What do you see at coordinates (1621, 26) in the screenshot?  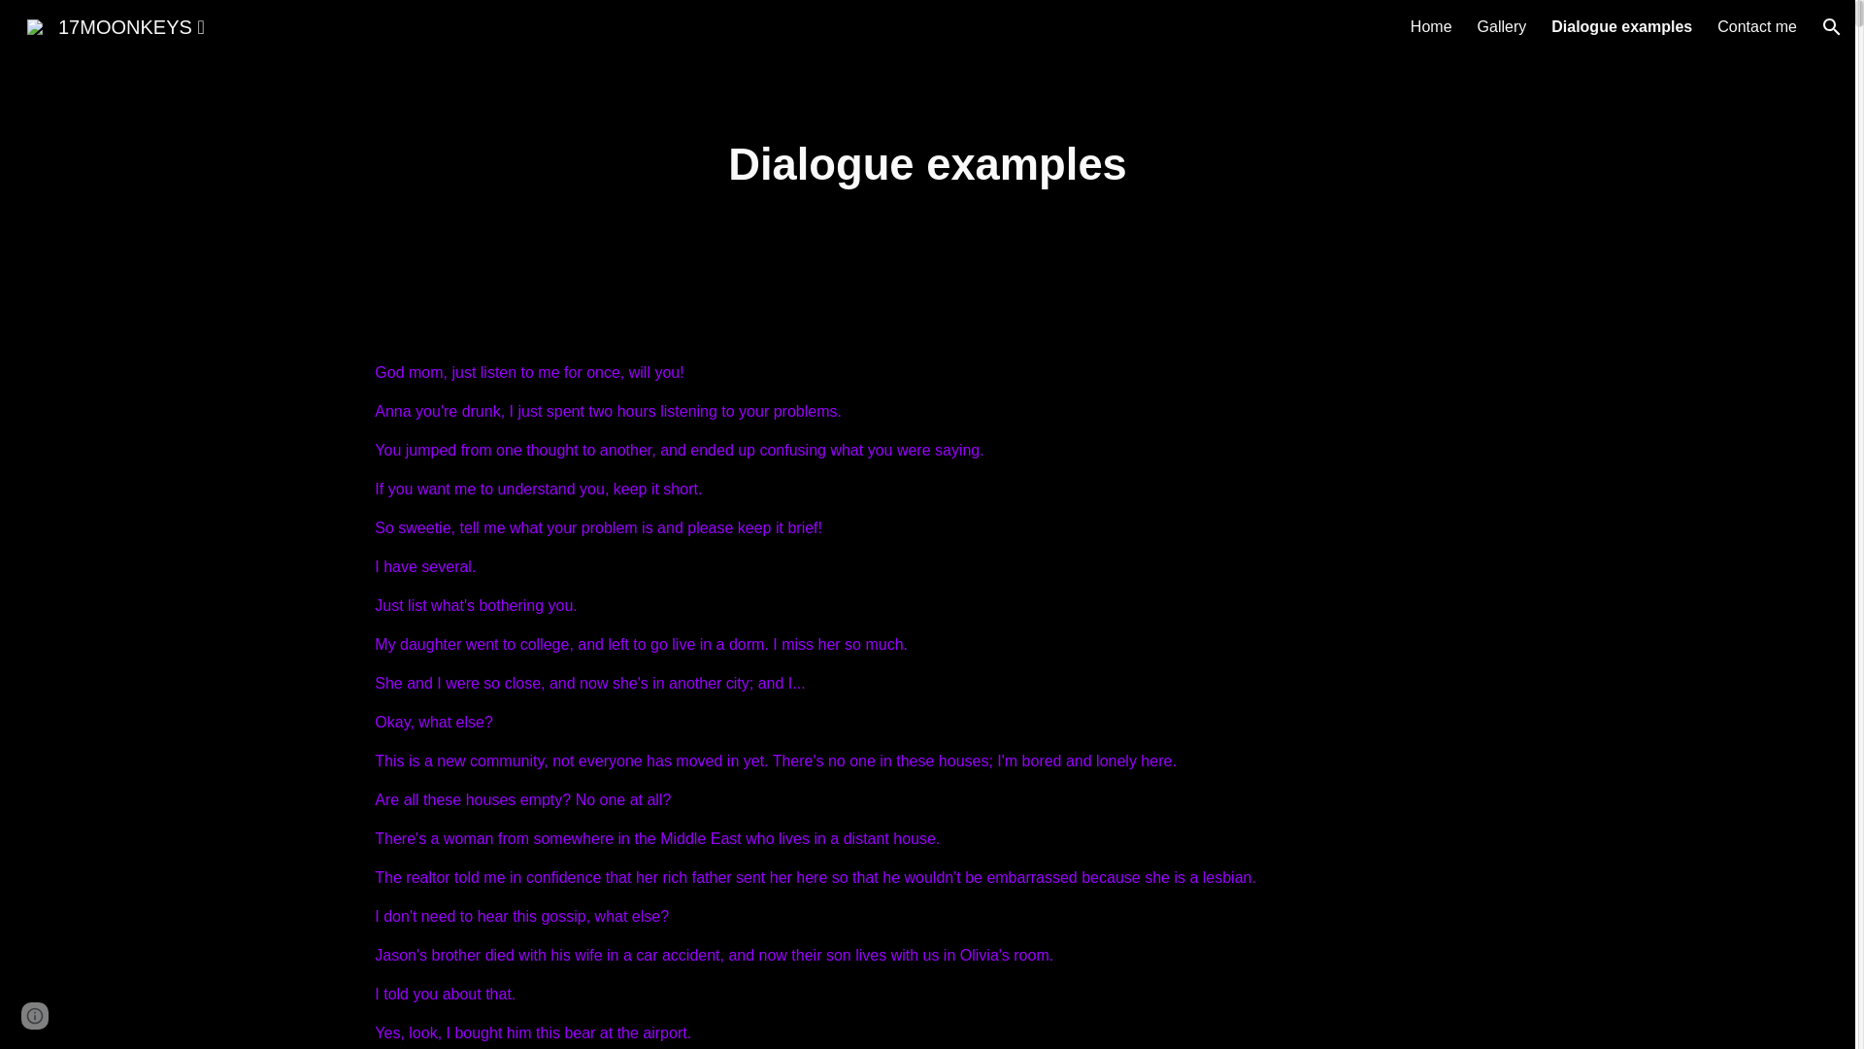 I see `'Dialogue examples'` at bounding box center [1621, 26].